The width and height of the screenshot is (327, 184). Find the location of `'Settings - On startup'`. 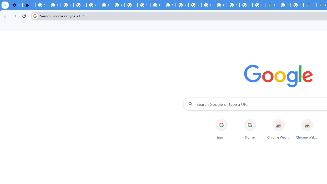

'Settings - On startup' is located at coordinates (16, 5).